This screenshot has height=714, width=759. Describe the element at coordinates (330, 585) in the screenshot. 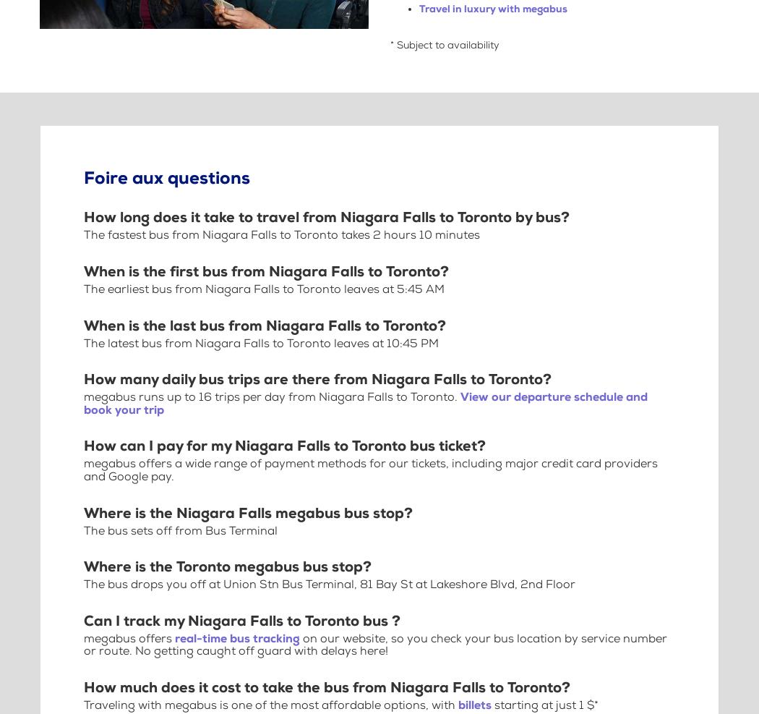

I see `'The bus drops you off at Union Stn Bus Terminal, 81 Bay St at Lakeshore Blvd, 2nd Floor'` at that location.